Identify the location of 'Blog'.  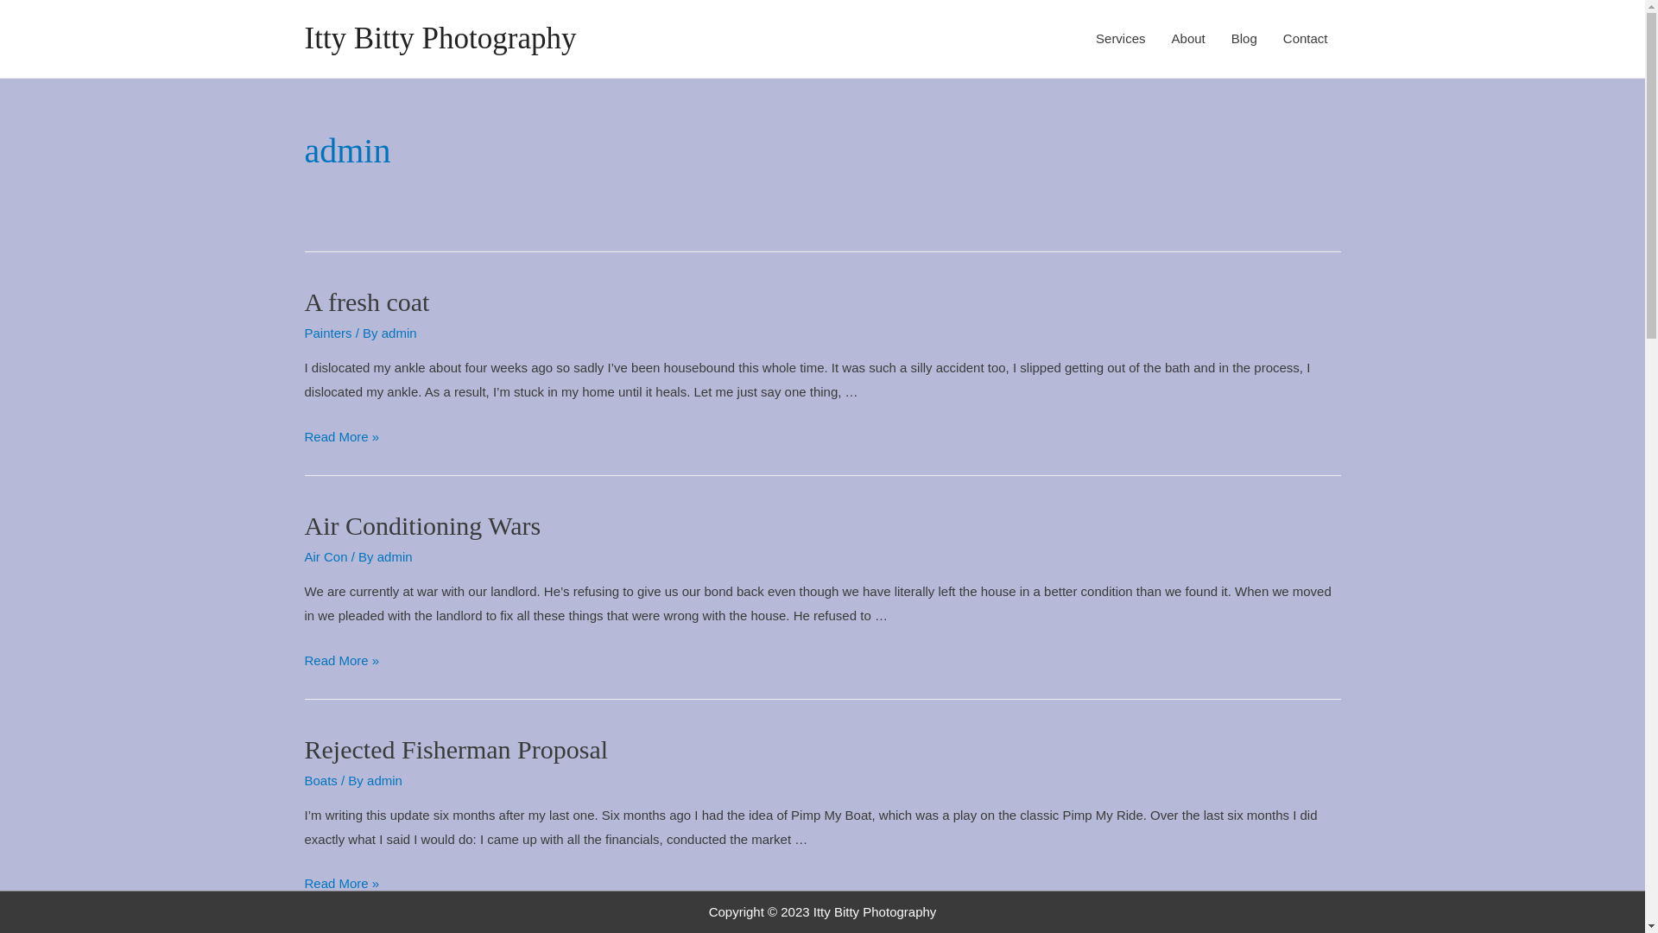
(1243, 39).